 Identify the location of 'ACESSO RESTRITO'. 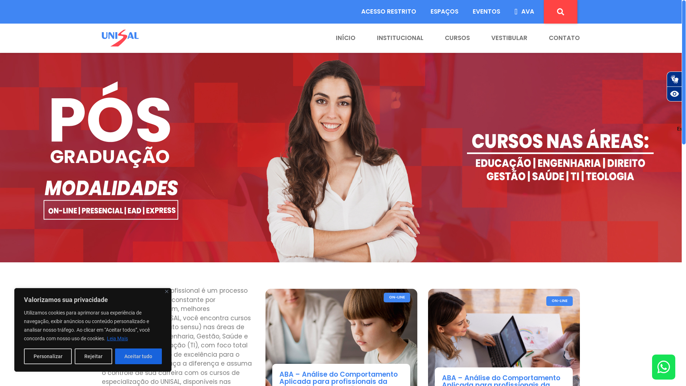
(354, 12).